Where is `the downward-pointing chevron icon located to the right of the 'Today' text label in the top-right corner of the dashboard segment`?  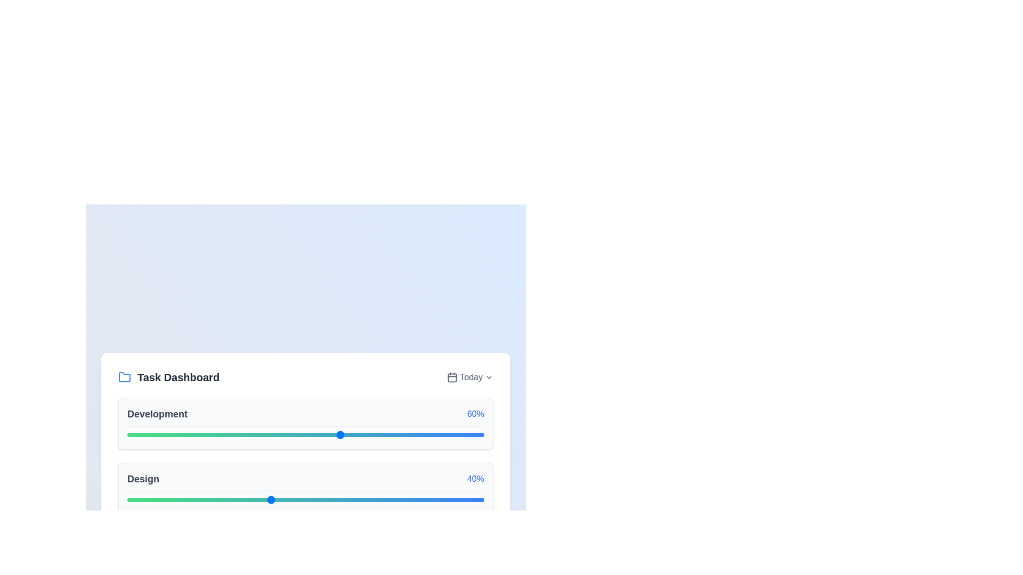 the downward-pointing chevron icon located to the right of the 'Today' text label in the top-right corner of the dashboard segment is located at coordinates (488, 377).